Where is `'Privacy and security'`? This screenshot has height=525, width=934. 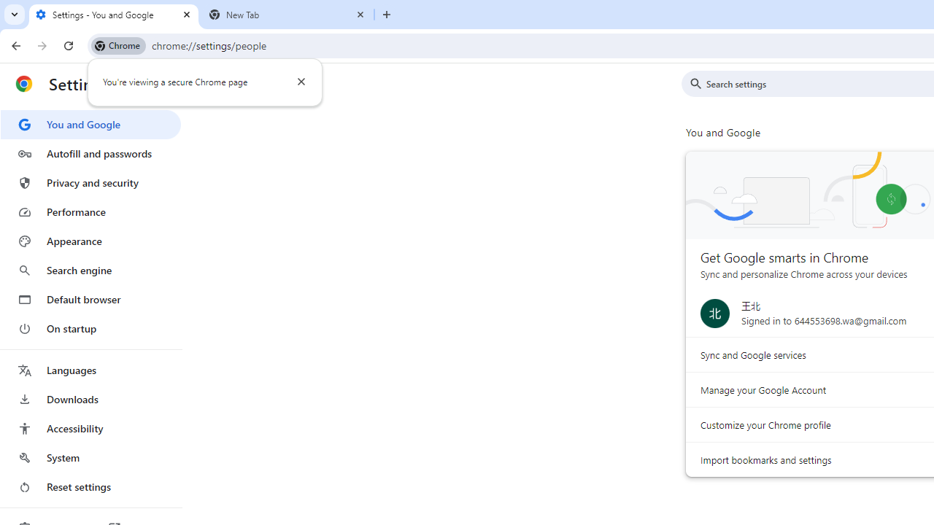 'Privacy and security' is located at coordinates (90, 182).